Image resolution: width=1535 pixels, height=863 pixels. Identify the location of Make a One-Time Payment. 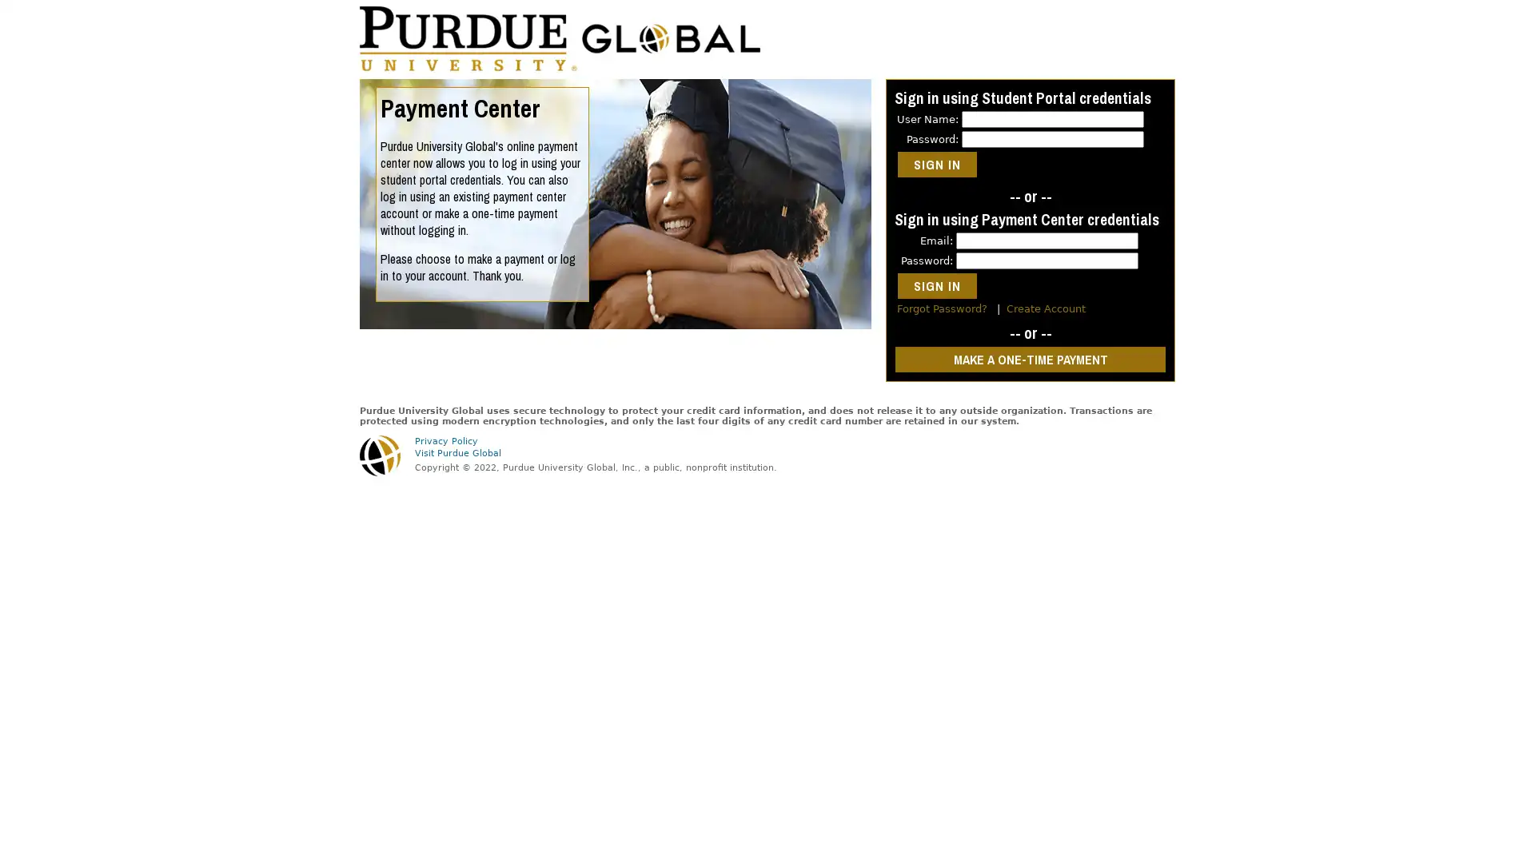
(1031, 360).